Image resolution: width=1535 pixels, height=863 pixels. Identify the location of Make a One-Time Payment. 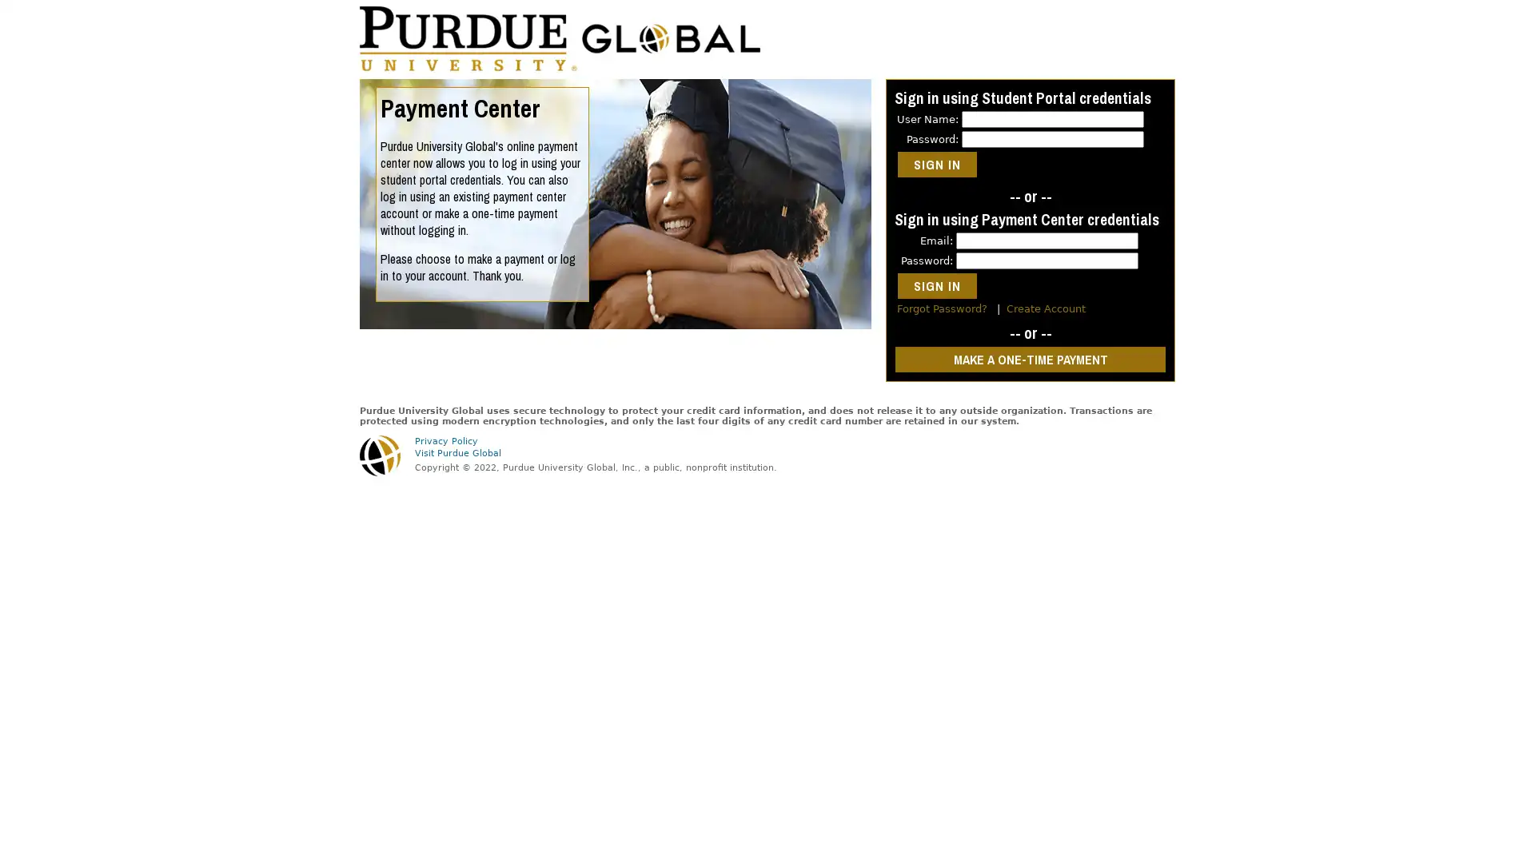
(1031, 360).